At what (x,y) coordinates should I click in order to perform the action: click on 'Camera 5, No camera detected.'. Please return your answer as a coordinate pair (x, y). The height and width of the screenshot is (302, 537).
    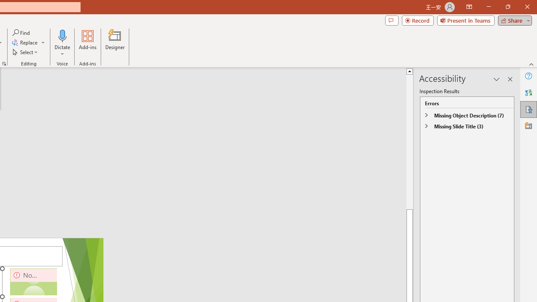
    Looking at the image, I should click on (34, 282).